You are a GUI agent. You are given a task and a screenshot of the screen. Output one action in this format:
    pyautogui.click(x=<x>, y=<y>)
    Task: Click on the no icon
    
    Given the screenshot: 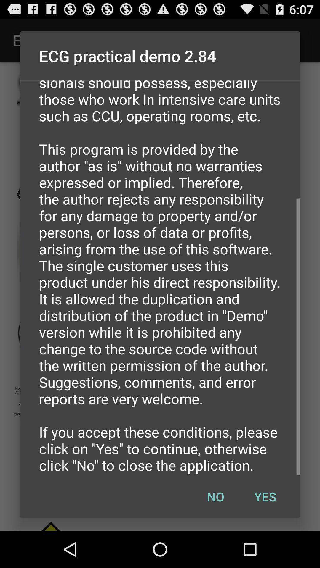 What is the action you would take?
    pyautogui.click(x=215, y=496)
    